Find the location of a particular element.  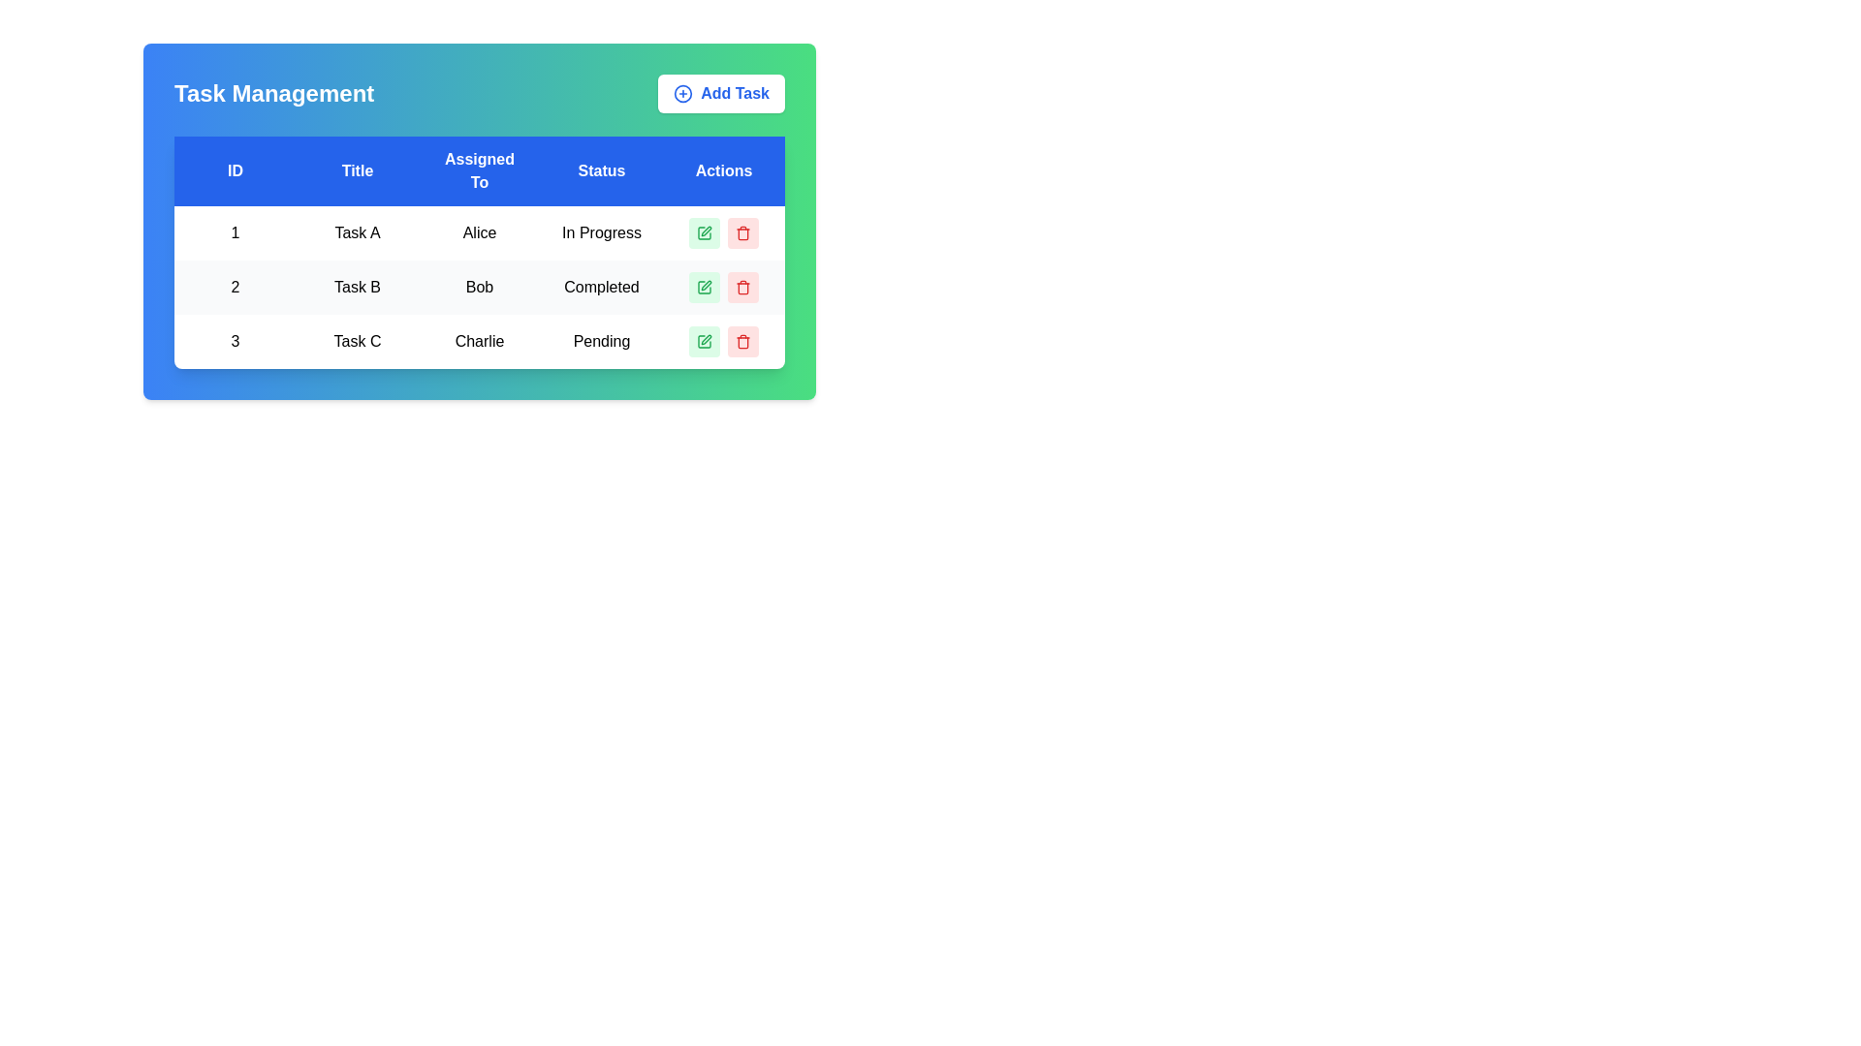

the second row of the task table is located at coordinates (479, 288).